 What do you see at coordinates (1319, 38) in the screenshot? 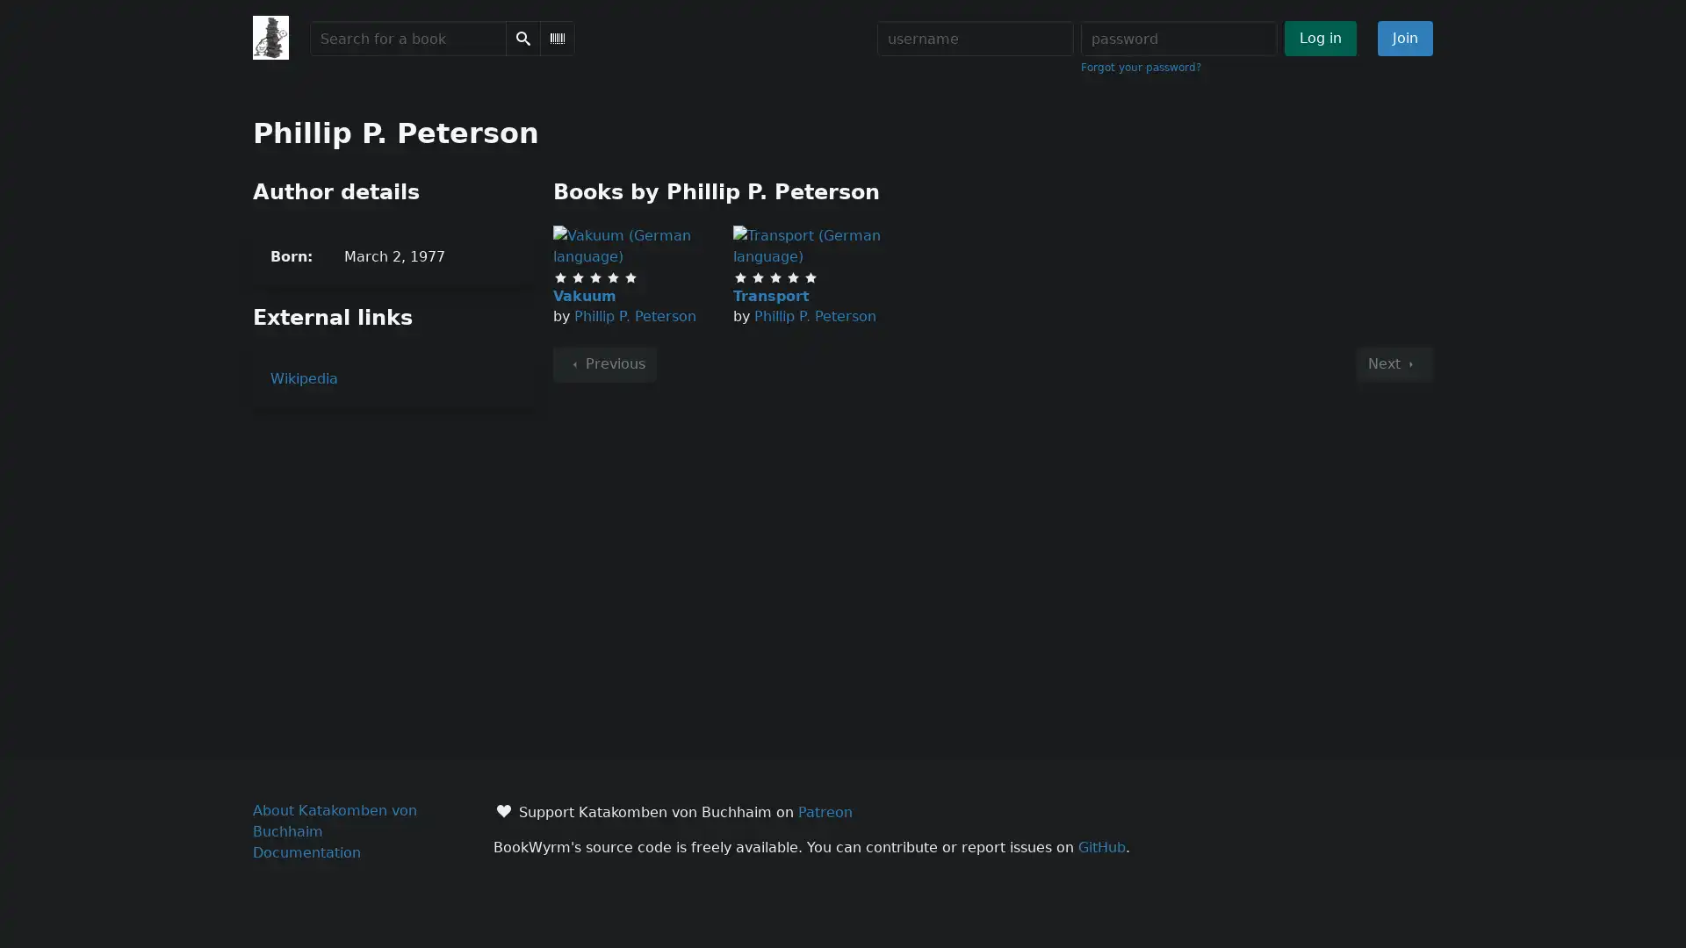
I see `Log in` at bounding box center [1319, 38].